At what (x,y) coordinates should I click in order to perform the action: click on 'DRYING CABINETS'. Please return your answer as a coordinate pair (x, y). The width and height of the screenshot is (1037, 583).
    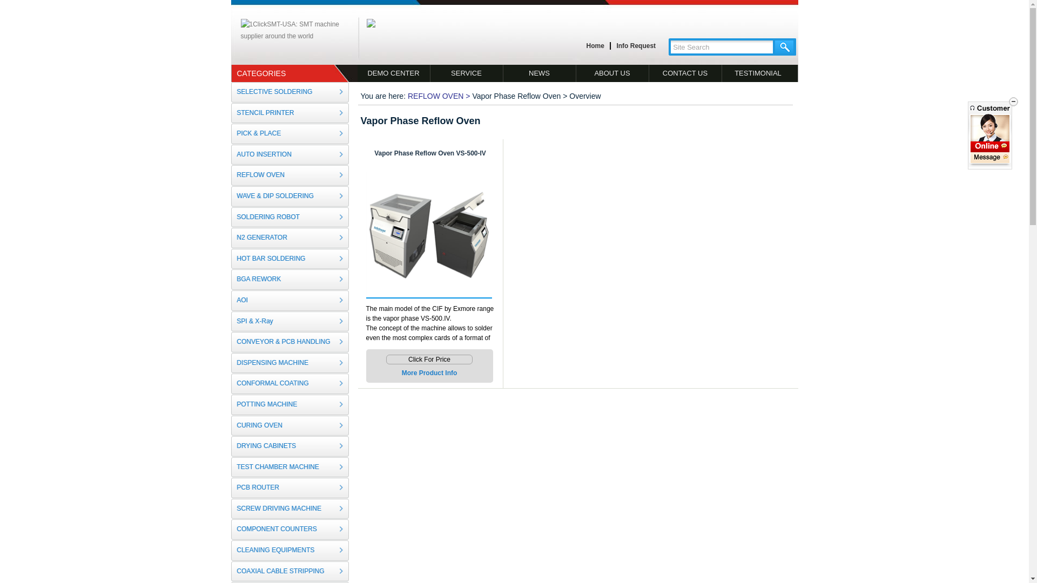
    Looking at the image, I should click on (230, 446).